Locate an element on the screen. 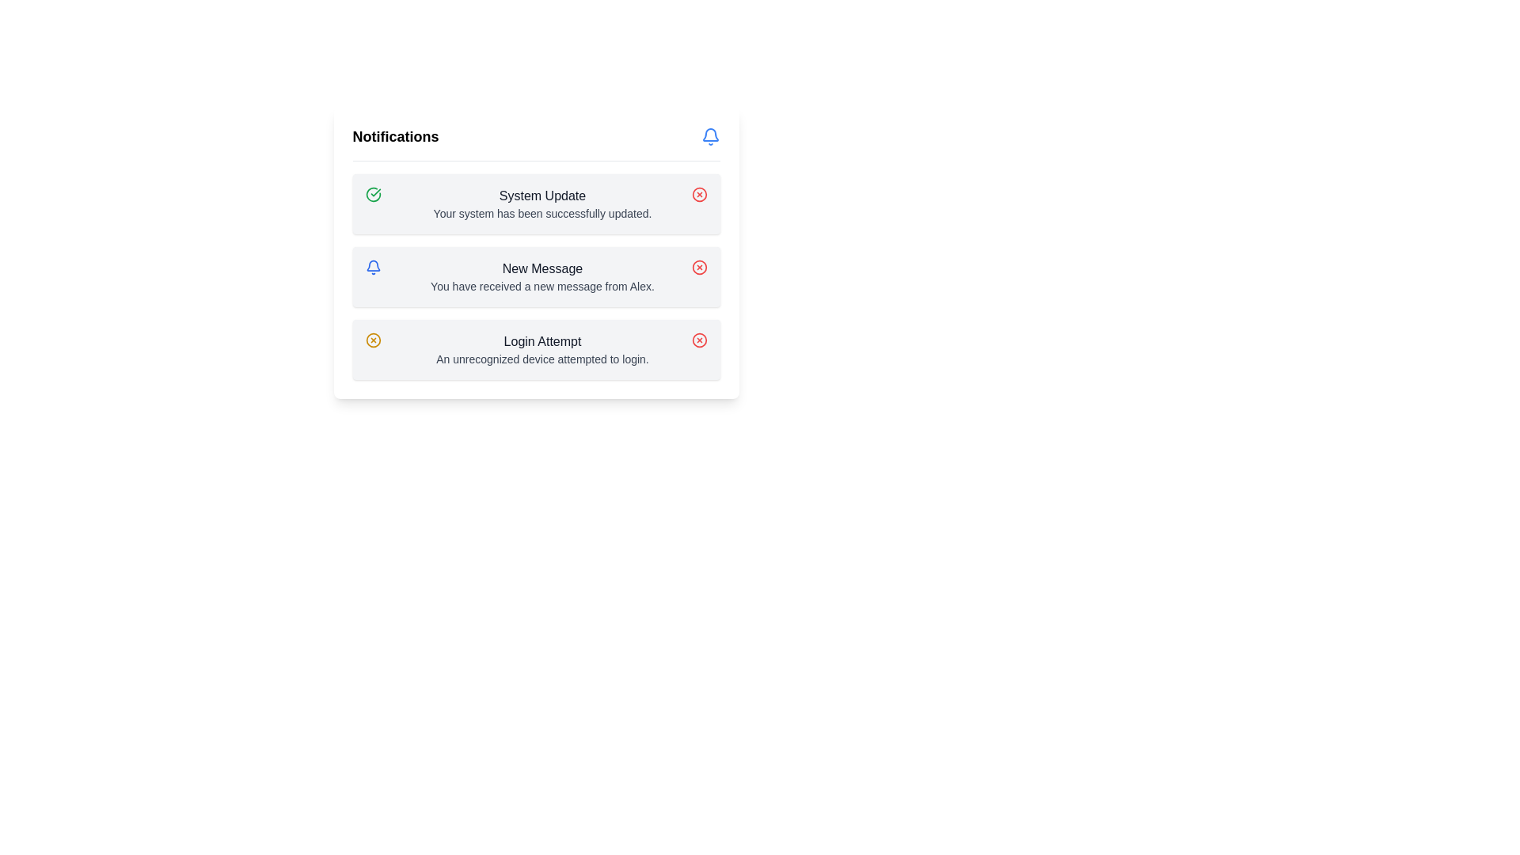  the circular icon with a green checkmark, which indicates a successful operation, located to the left of the 'System Update' notification block is located at coordinates (372, 194).